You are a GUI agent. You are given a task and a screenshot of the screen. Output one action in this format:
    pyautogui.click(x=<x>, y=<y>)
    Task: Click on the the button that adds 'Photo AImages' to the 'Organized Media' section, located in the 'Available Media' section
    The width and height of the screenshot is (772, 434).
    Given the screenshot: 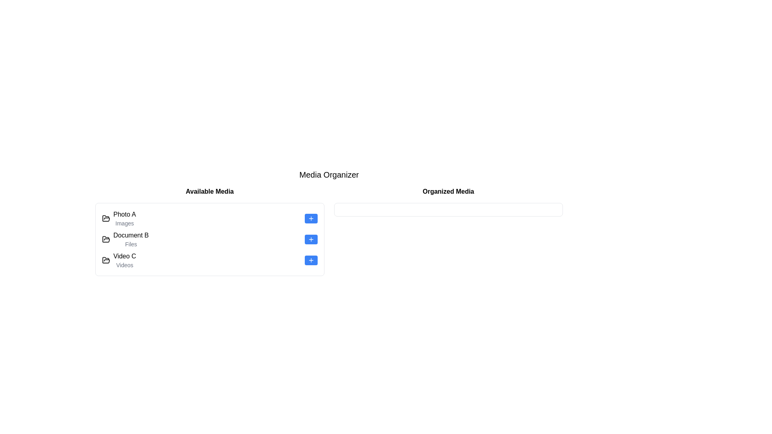 What is the action you would take?
    pyautogui.click(x=310, y=218)
    